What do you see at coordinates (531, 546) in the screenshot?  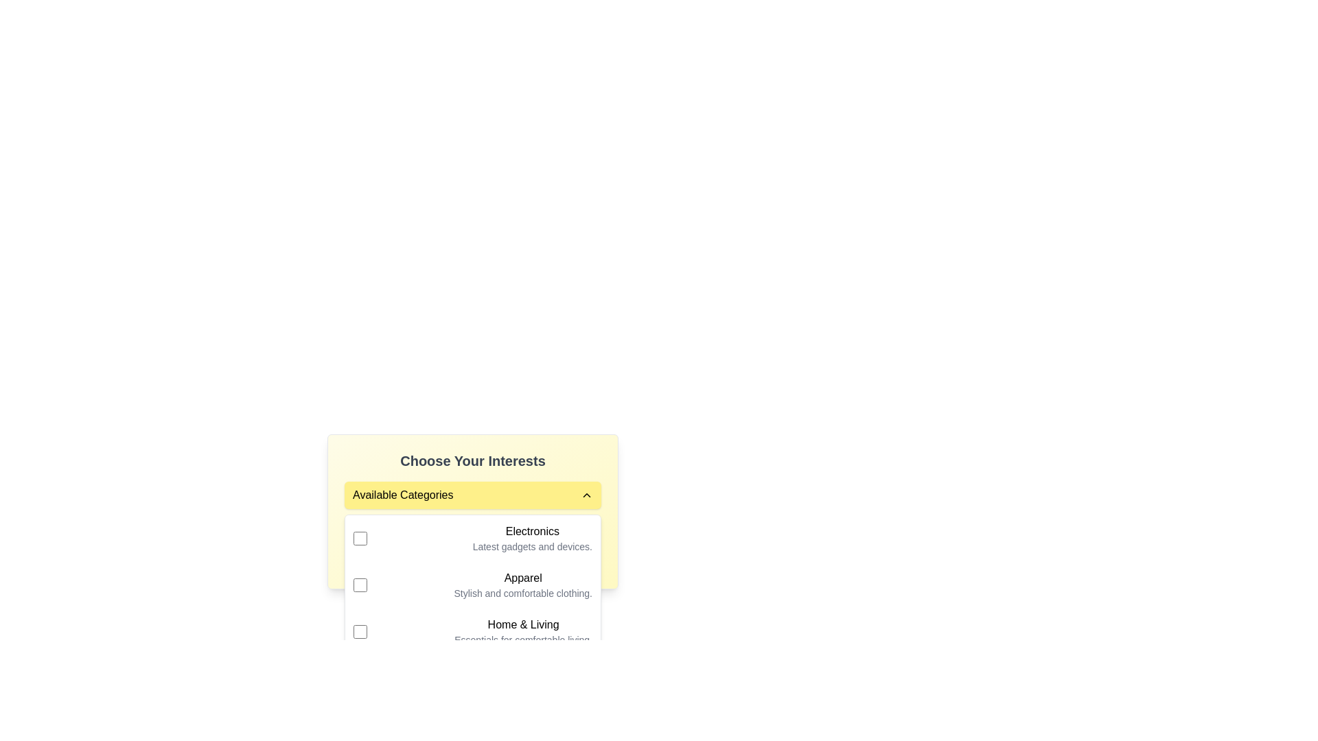 I see `the informative text label related to the 'Electronics' category located below the 'Electronics' heading in the 'Available Categories' section of the 'Choose Your Interests' interface` at bounding box center [531, 546].